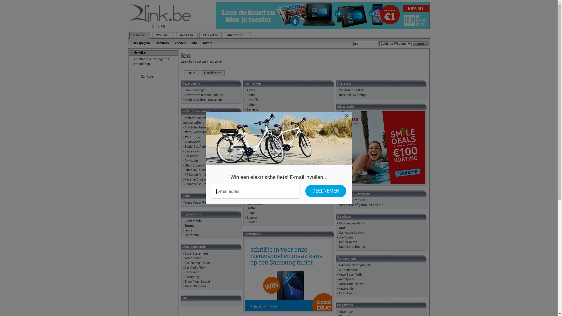  I want to click on 'Emma', so click(189, 225).